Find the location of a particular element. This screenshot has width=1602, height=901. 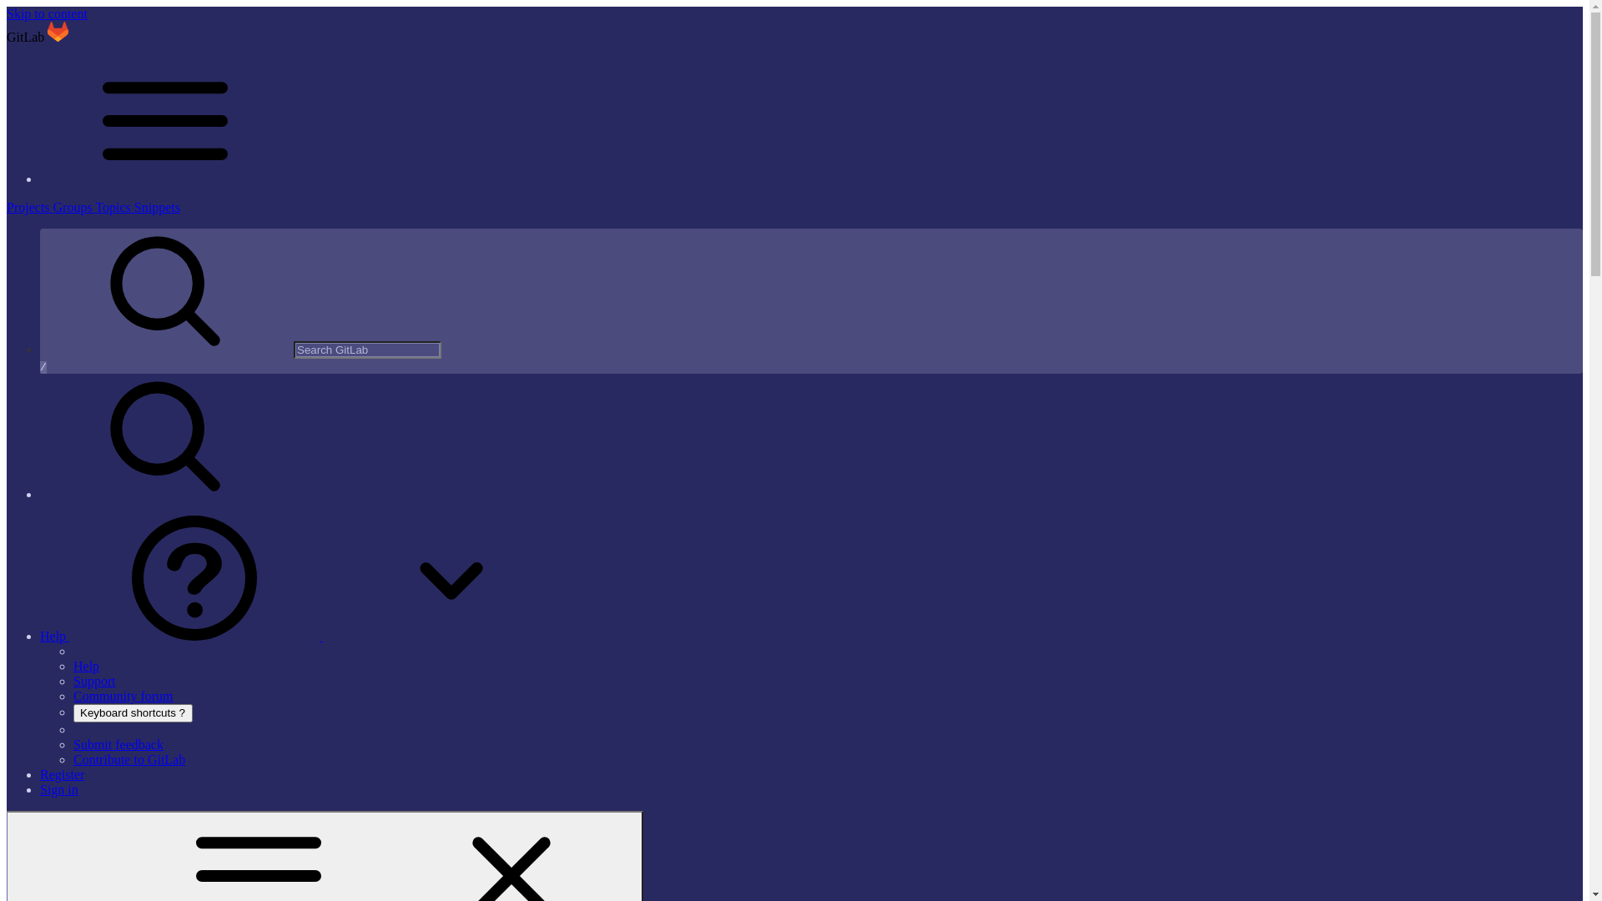

'Topics' is located at coordinates (113, 206).